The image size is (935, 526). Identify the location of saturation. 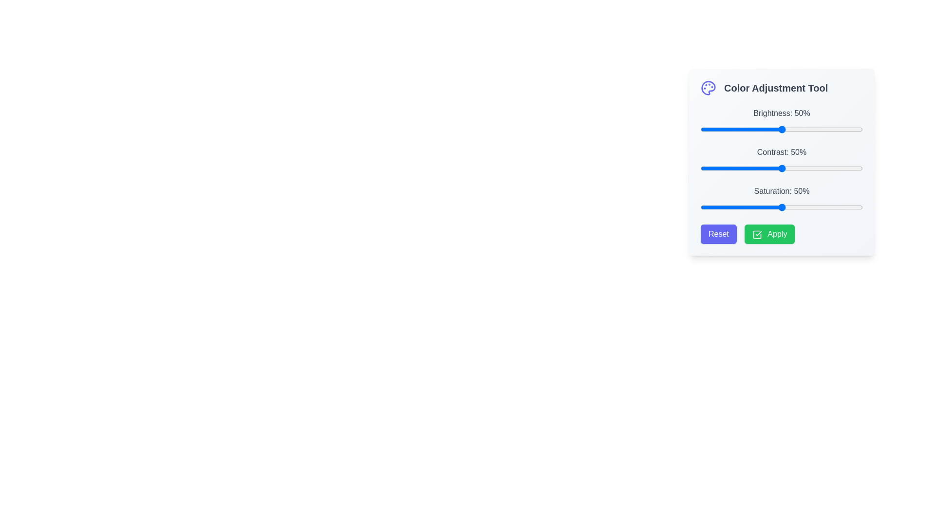
(856, 207).